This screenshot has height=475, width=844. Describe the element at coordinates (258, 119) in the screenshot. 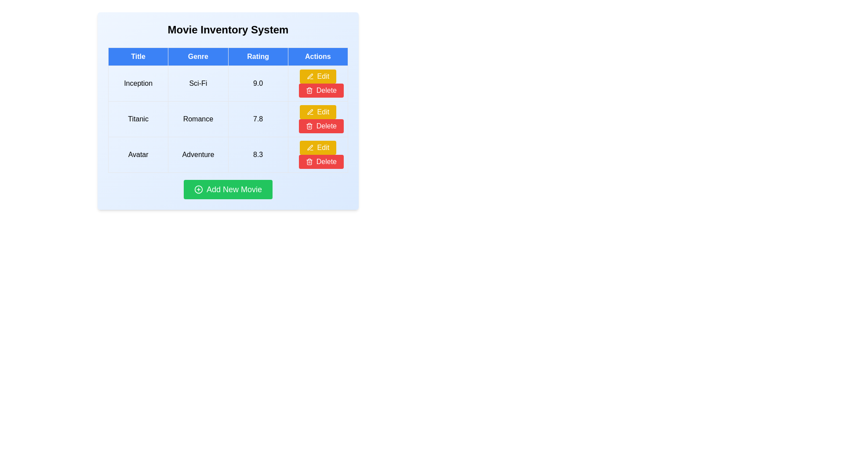

I see `the static text displaying the numerical value '7.8' located in the 'Rating' column of the row labeled 'Titanic'` at that location.